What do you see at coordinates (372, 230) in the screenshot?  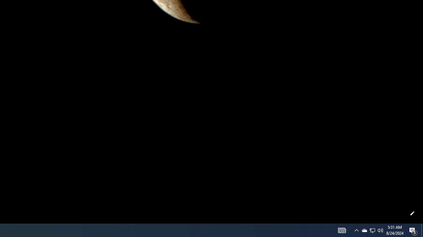 I see `'User Promoted Notification Area'` at bounding box center [372, 230].